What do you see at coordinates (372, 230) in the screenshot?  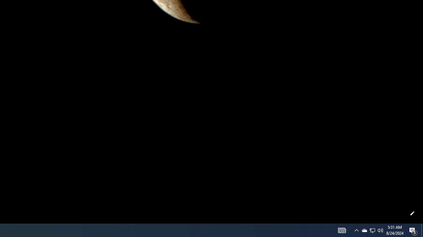 I see `'User Promoted Notification Area'` at bounding box center [372, 230].